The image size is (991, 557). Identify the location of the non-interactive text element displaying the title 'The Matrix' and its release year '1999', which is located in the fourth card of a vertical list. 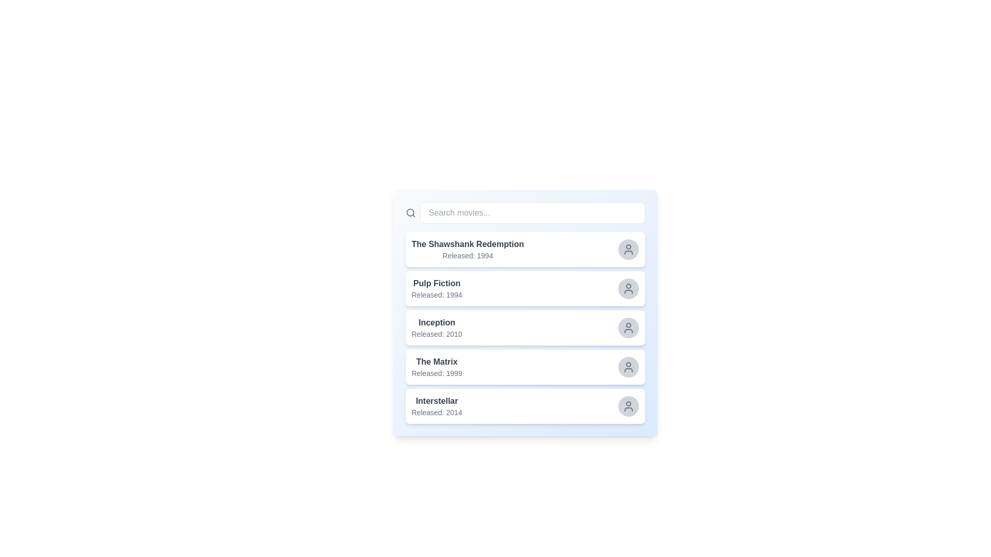
(437, 367).